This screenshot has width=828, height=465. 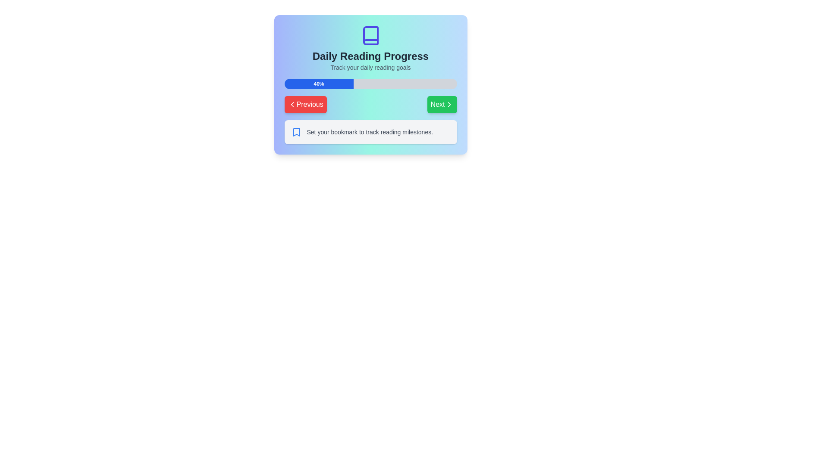 What do you see at coordinates (442, 104) in the screenshot?
I see `the green 'Next' button with a chevron icon` at bounding box center [442, 104].